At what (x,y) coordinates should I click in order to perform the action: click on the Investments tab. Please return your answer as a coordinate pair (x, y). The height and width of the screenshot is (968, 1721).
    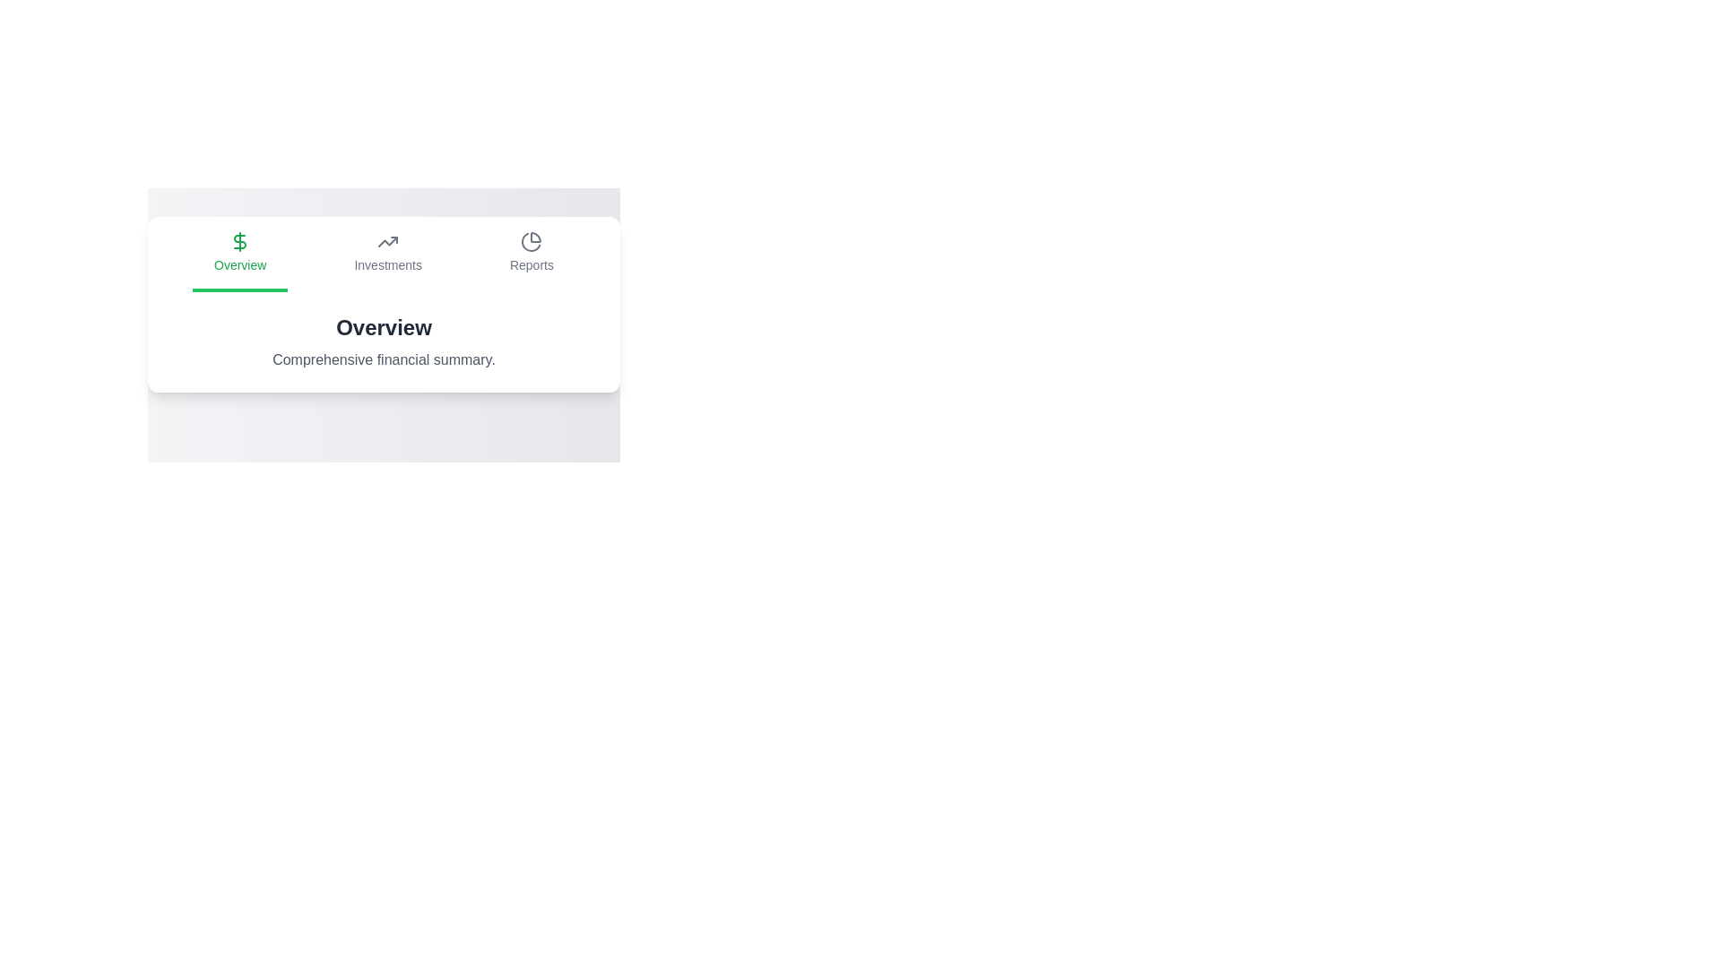
    Looking at the image, I should click on (386, 255).